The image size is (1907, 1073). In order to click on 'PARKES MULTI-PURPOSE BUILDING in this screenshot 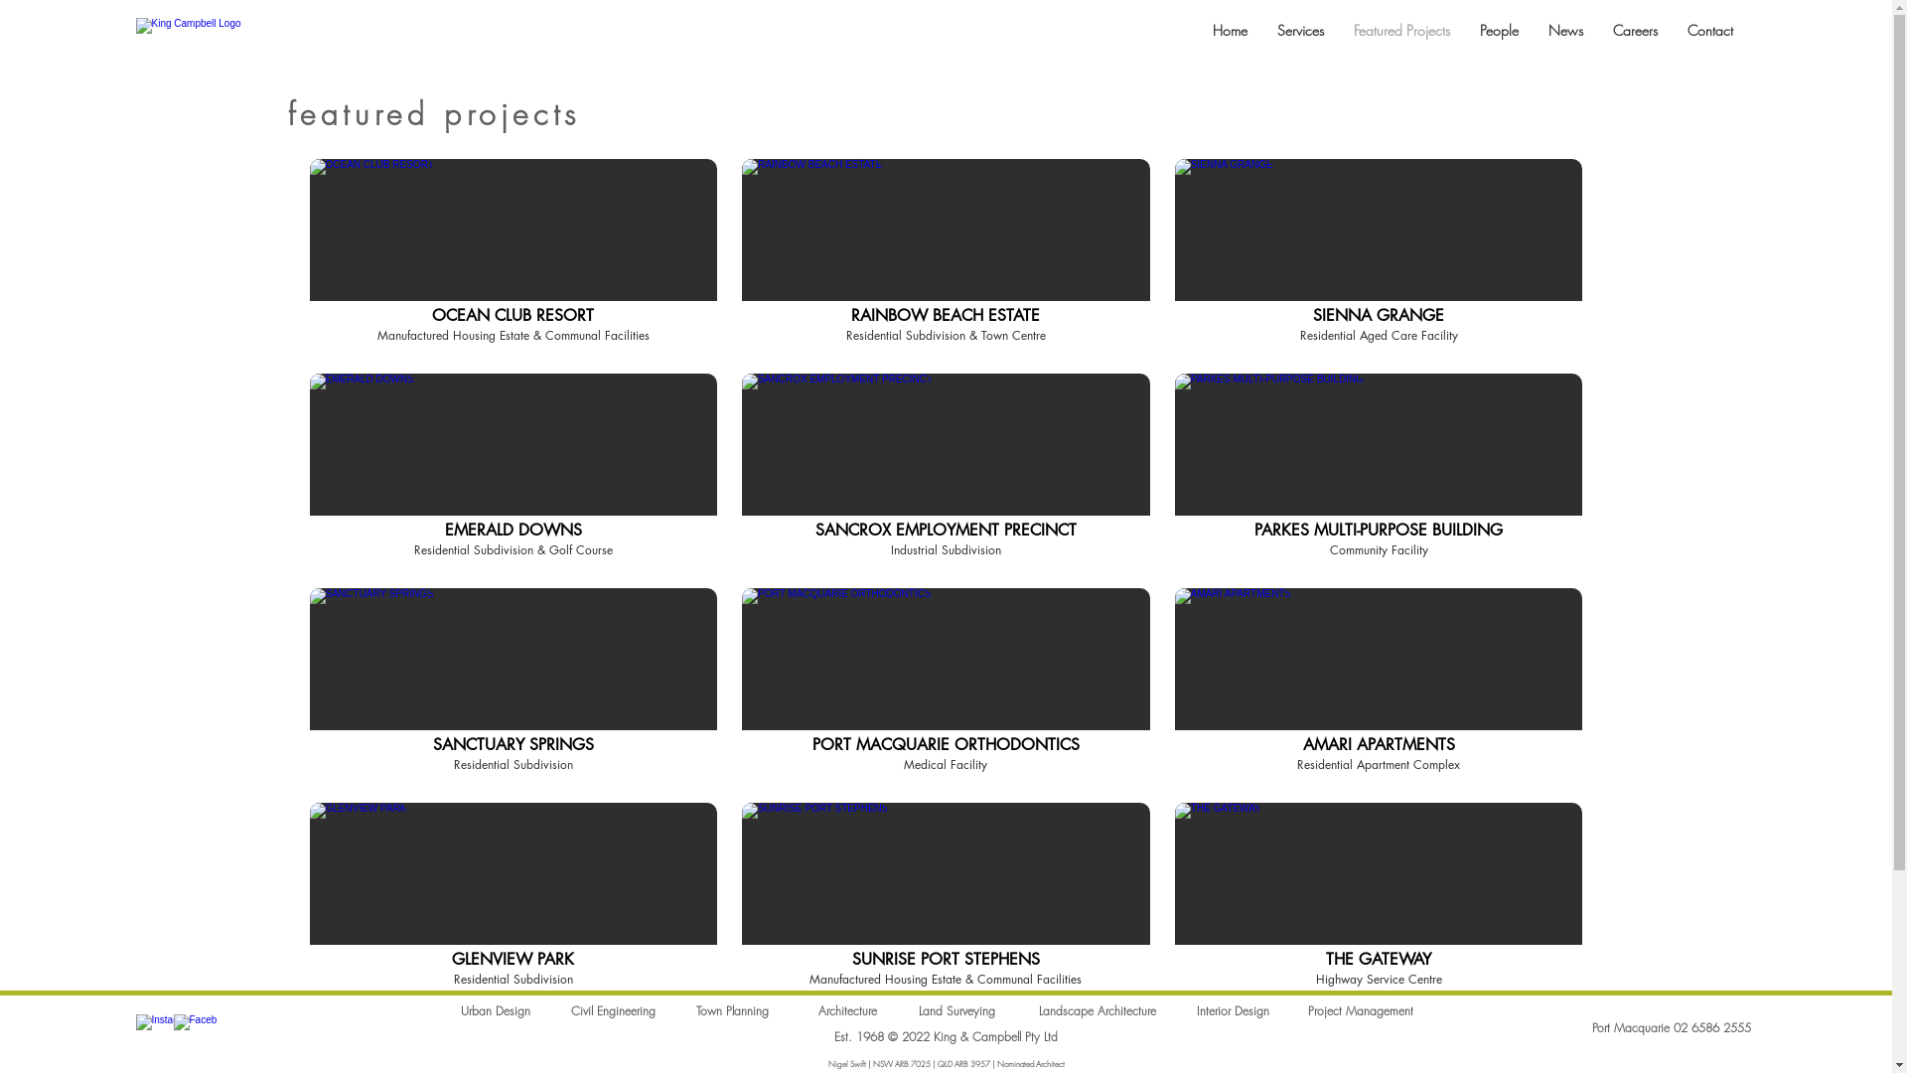, I will do `click(1378, 468)`.